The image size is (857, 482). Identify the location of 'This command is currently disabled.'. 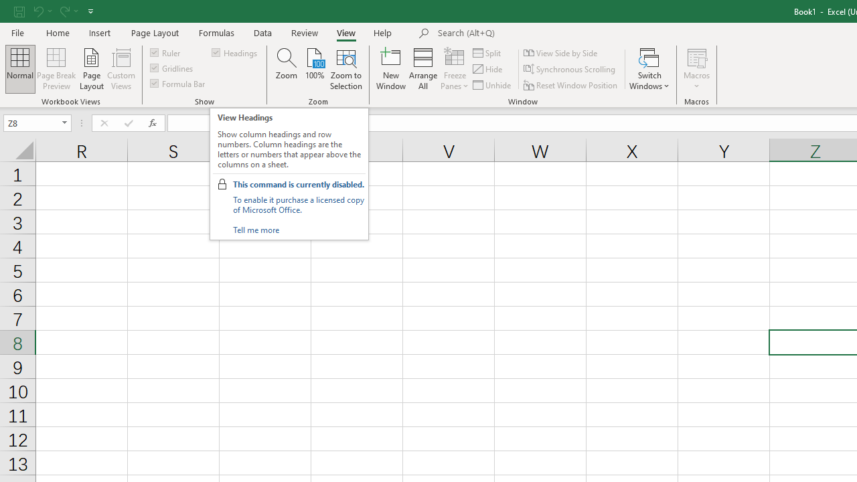
(298, 184).